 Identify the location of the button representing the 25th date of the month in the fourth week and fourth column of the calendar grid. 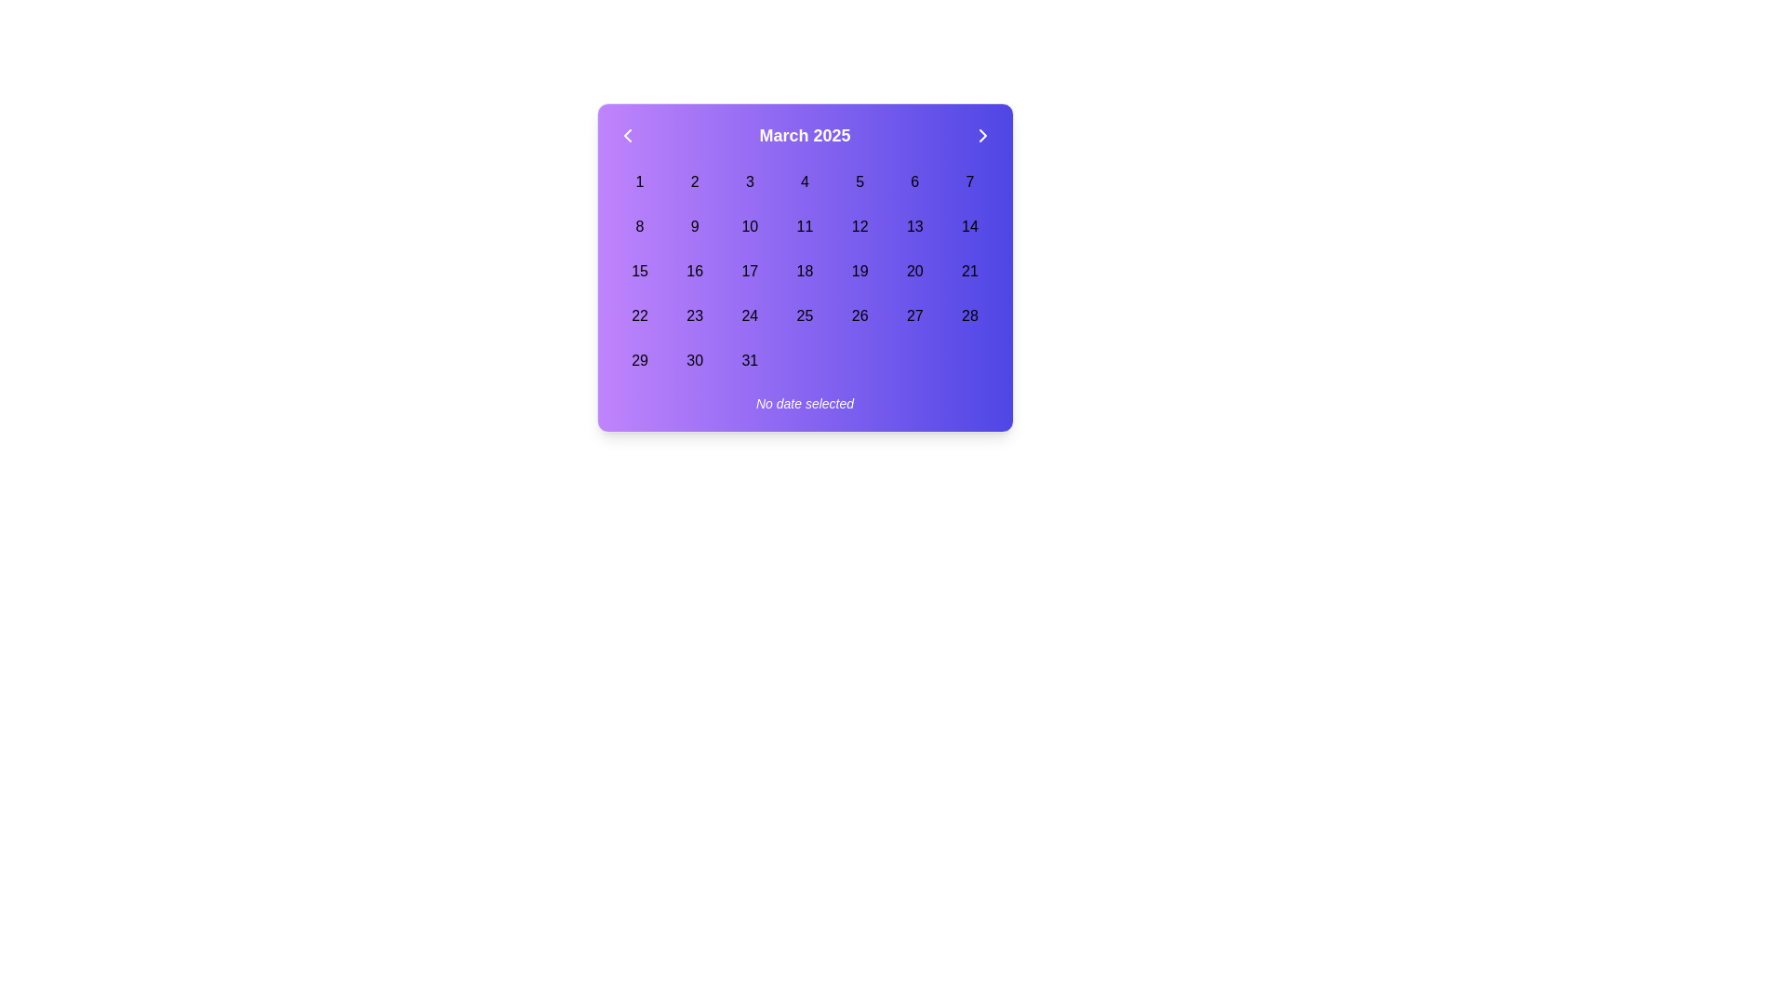
(805, 315).